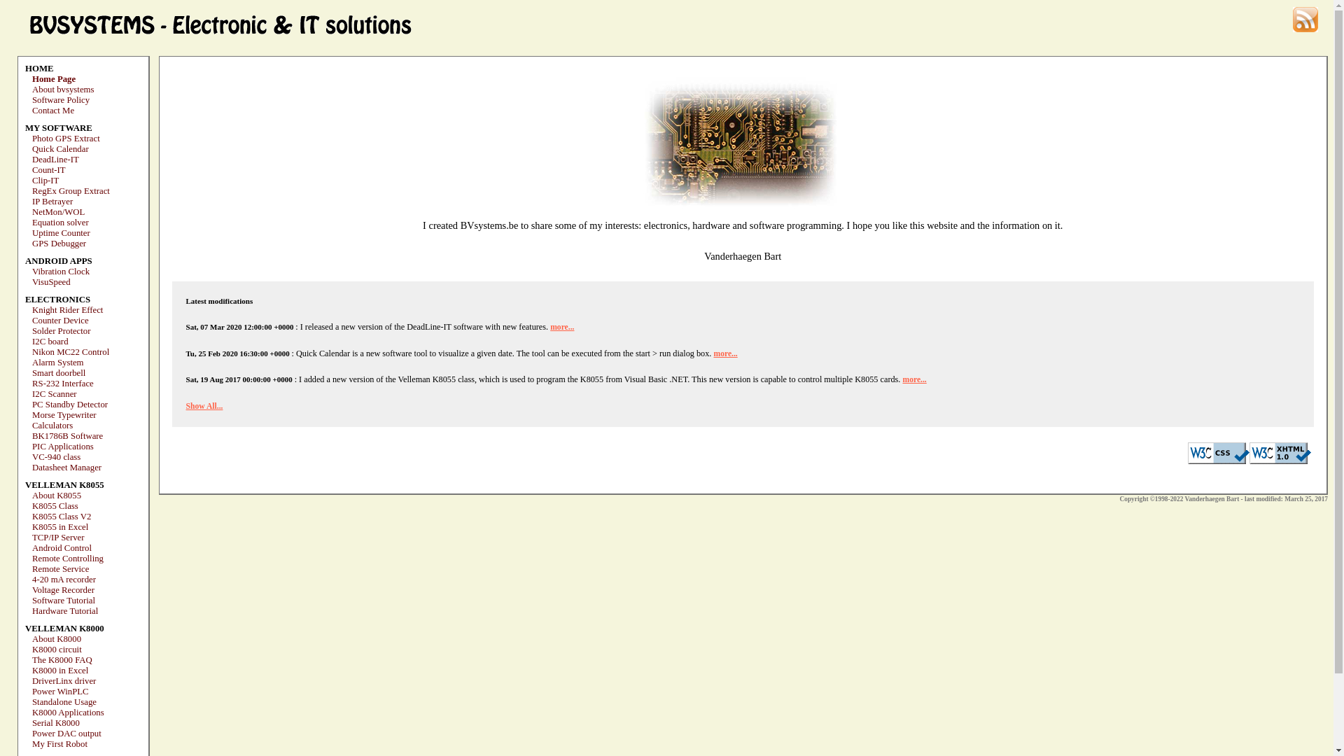 The width and height of the screenshot is (1344, 756). What do you see at coordinates (56, 723) in the screenshot?
I see `'Serial K8000'` at bounding box center [56, 723].